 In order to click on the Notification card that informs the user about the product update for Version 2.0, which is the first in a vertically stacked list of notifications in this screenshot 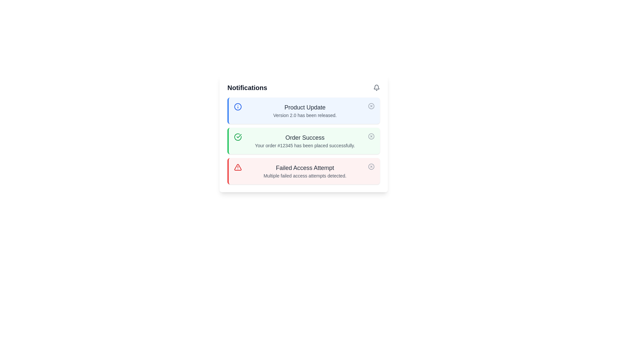, I will do `click(303, 110)`.